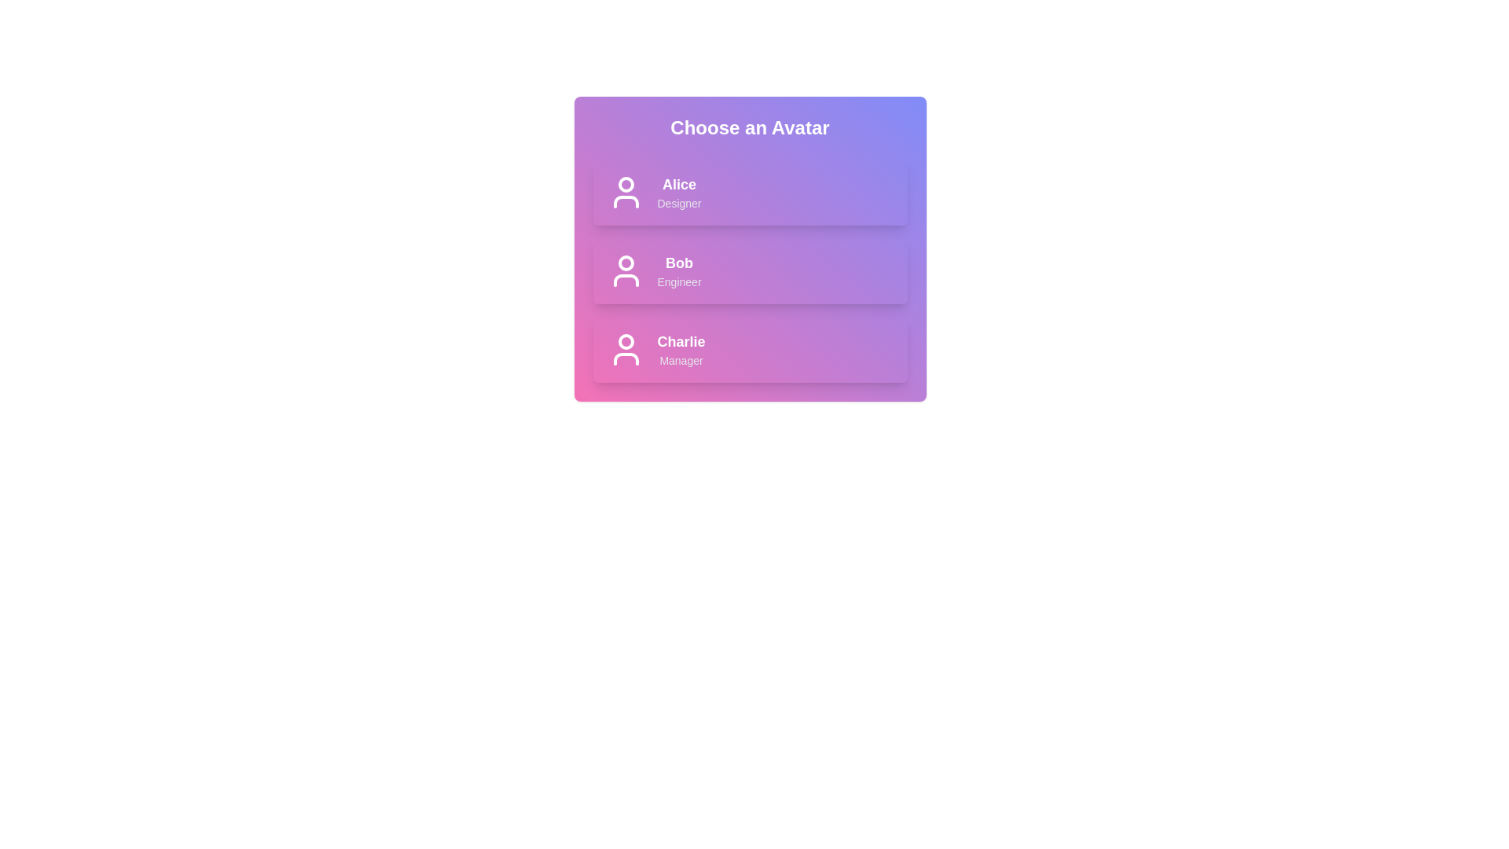 Image resolution: width=1509 pixels, height=849 pixels. Describe the element at coordinates (749, 348) in the screenshot. I see `the third selectable list item that displays the name 'Charlie' and the title 'Manager'` at that location.